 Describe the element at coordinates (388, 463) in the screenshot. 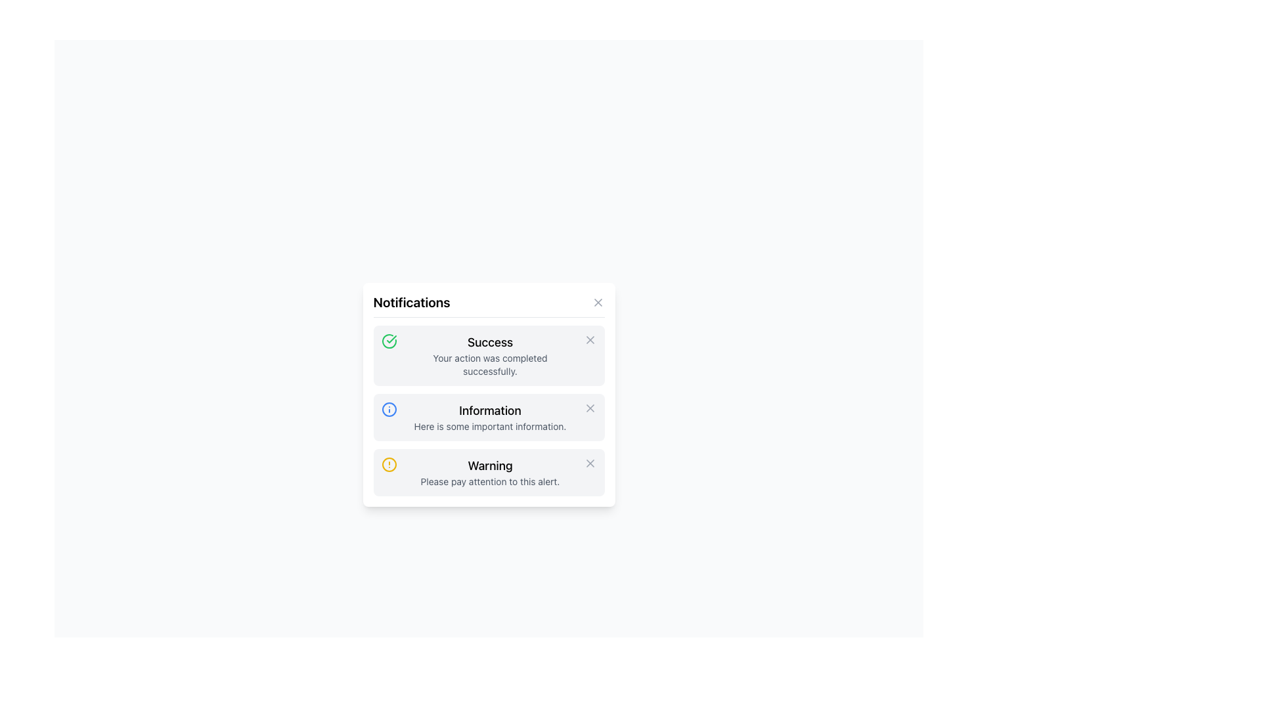

I see `the warning icon, which is located on the far left within the 'Warning' notification block, aligned with the text 'Warning' and 'Please pay attention to this alert.'` at that location.